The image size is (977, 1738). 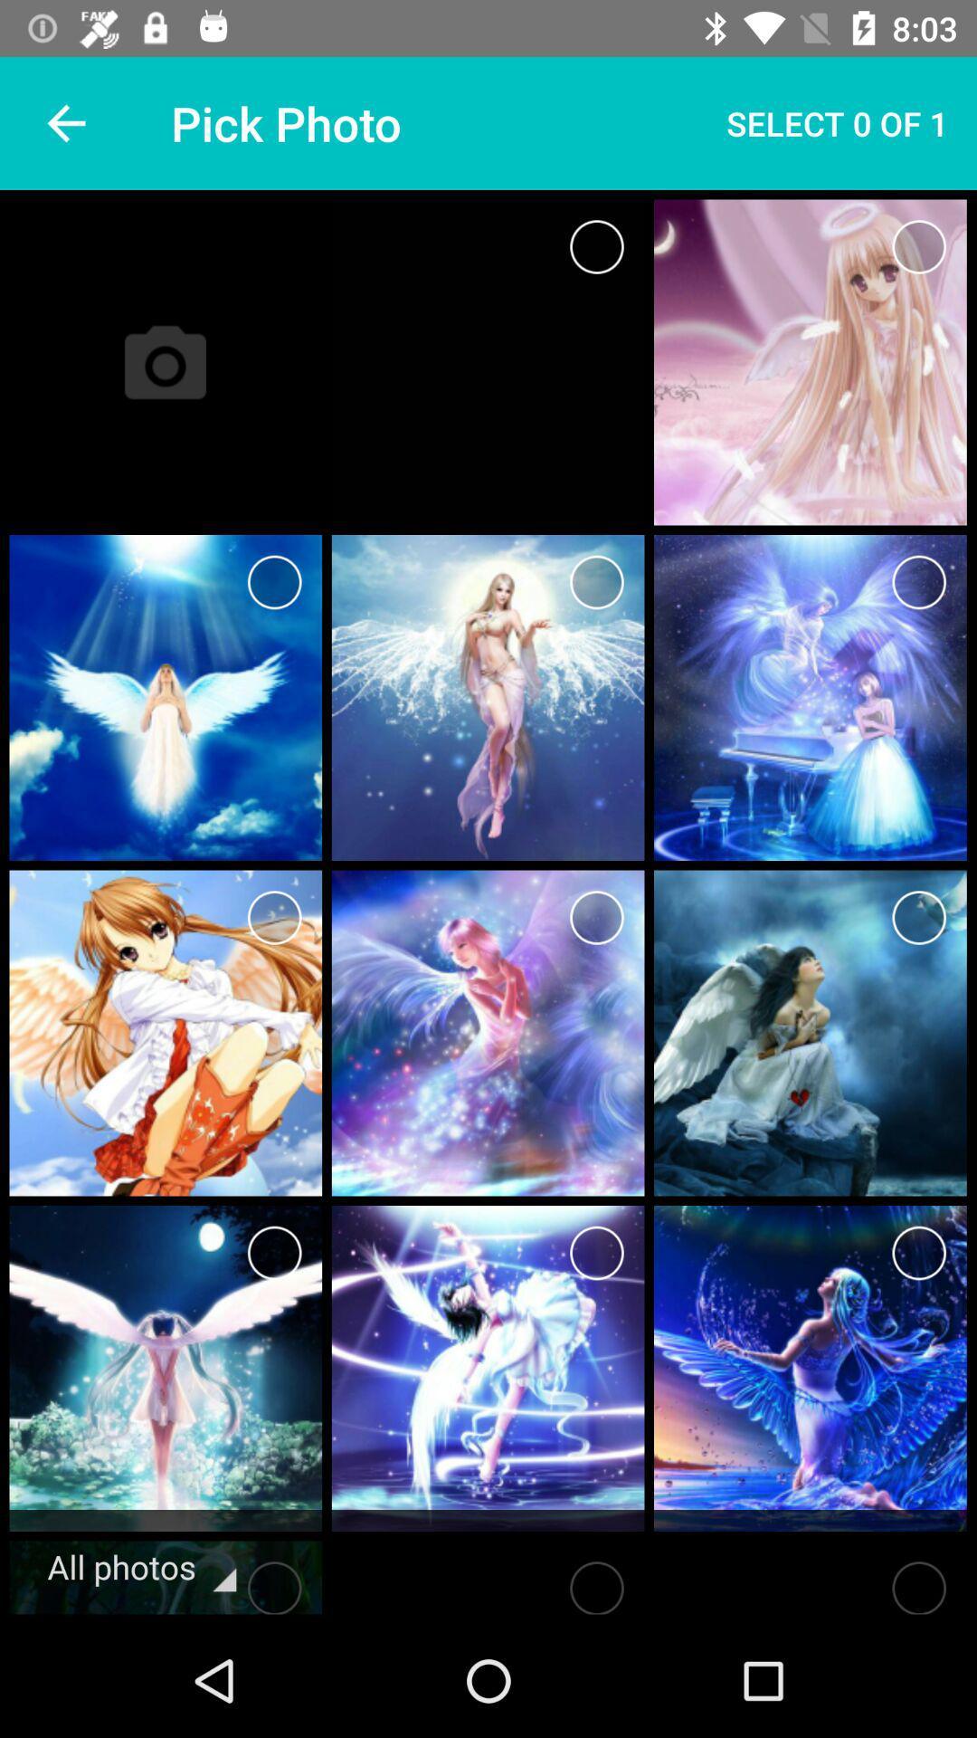 What do you see at coordinates (274, 582) in the screenshot?
I see `choose image` at bounding box center [274, 582].